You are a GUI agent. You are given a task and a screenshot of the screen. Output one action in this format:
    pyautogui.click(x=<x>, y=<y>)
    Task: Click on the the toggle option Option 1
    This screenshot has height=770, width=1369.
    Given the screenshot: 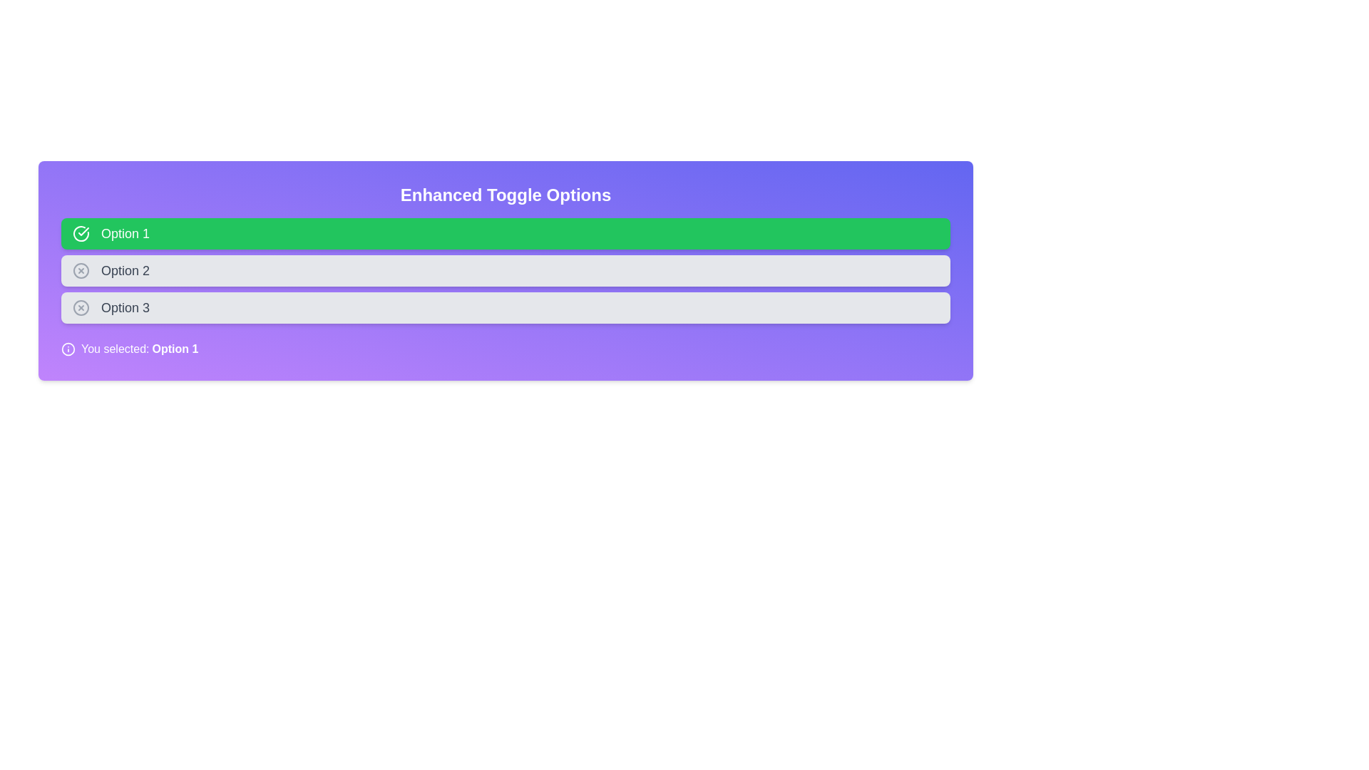 What is the action you would take?
    pyautogui.click(x=506, y=232)
    